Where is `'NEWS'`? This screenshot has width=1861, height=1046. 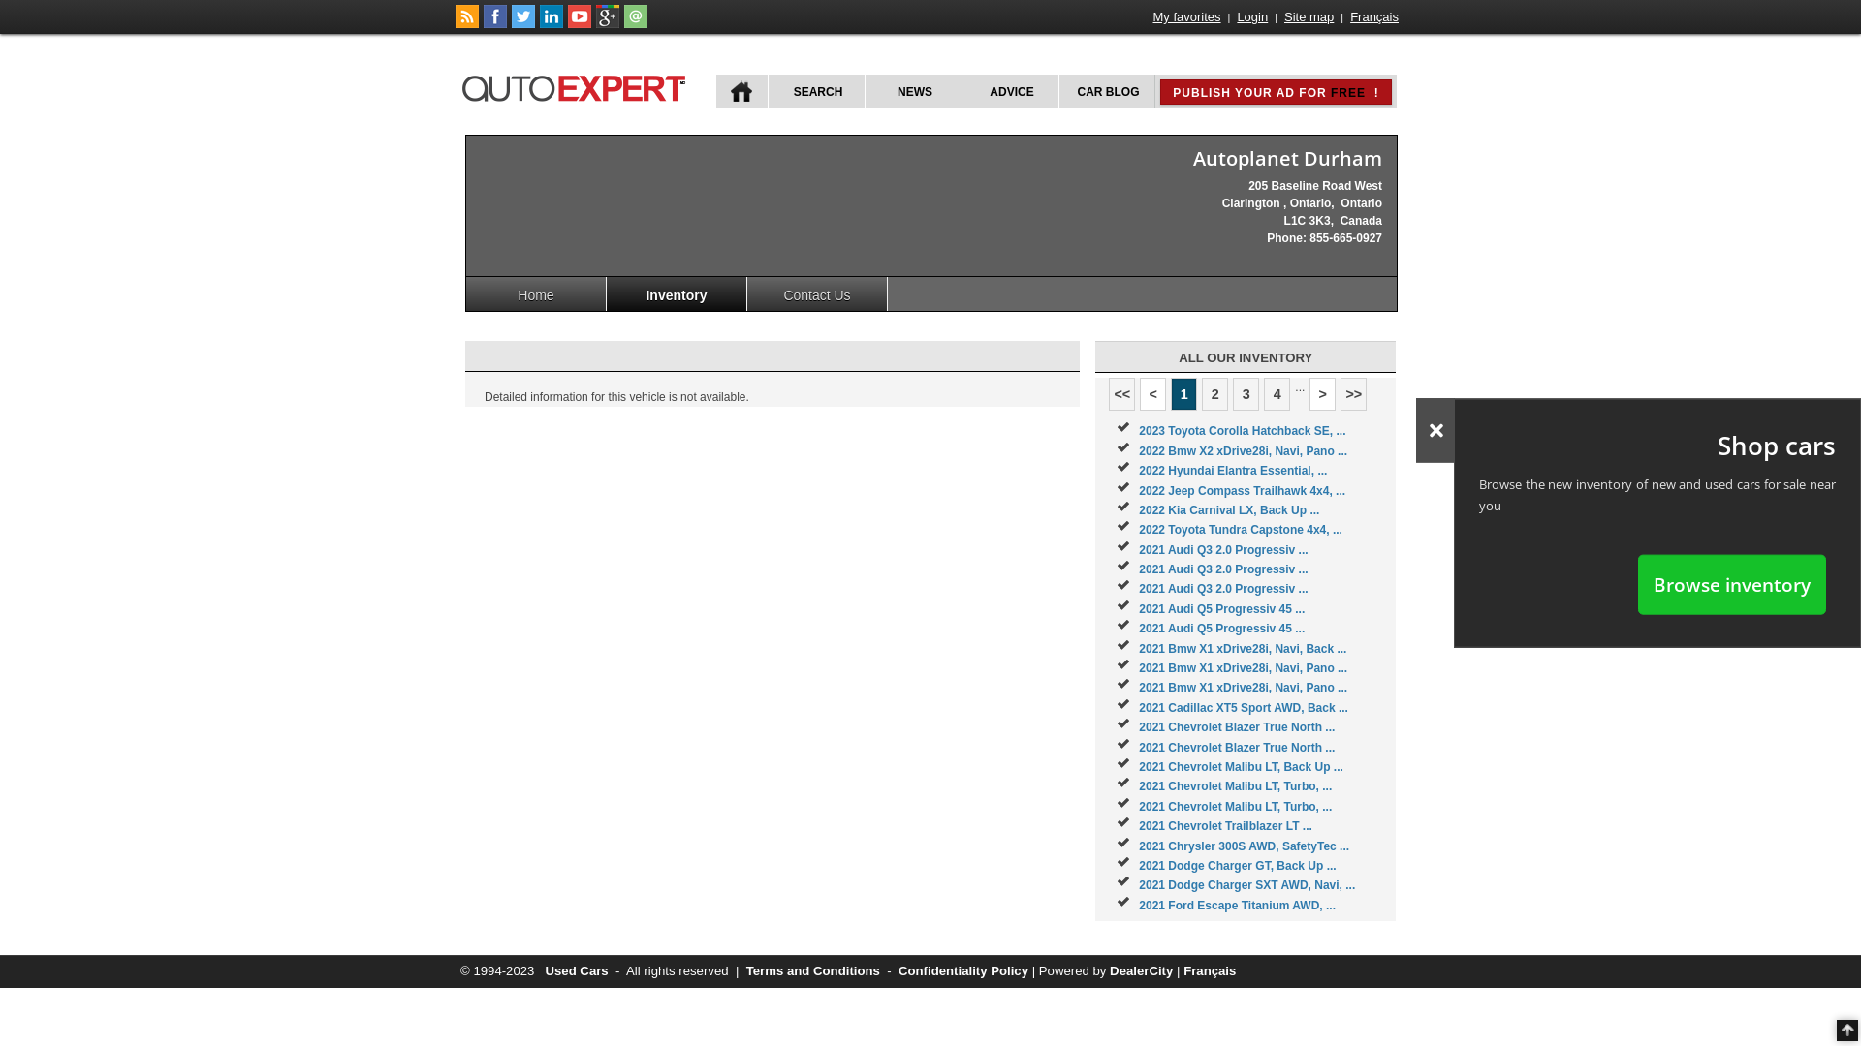
'NEWS' is located at coordinates (911, 91).